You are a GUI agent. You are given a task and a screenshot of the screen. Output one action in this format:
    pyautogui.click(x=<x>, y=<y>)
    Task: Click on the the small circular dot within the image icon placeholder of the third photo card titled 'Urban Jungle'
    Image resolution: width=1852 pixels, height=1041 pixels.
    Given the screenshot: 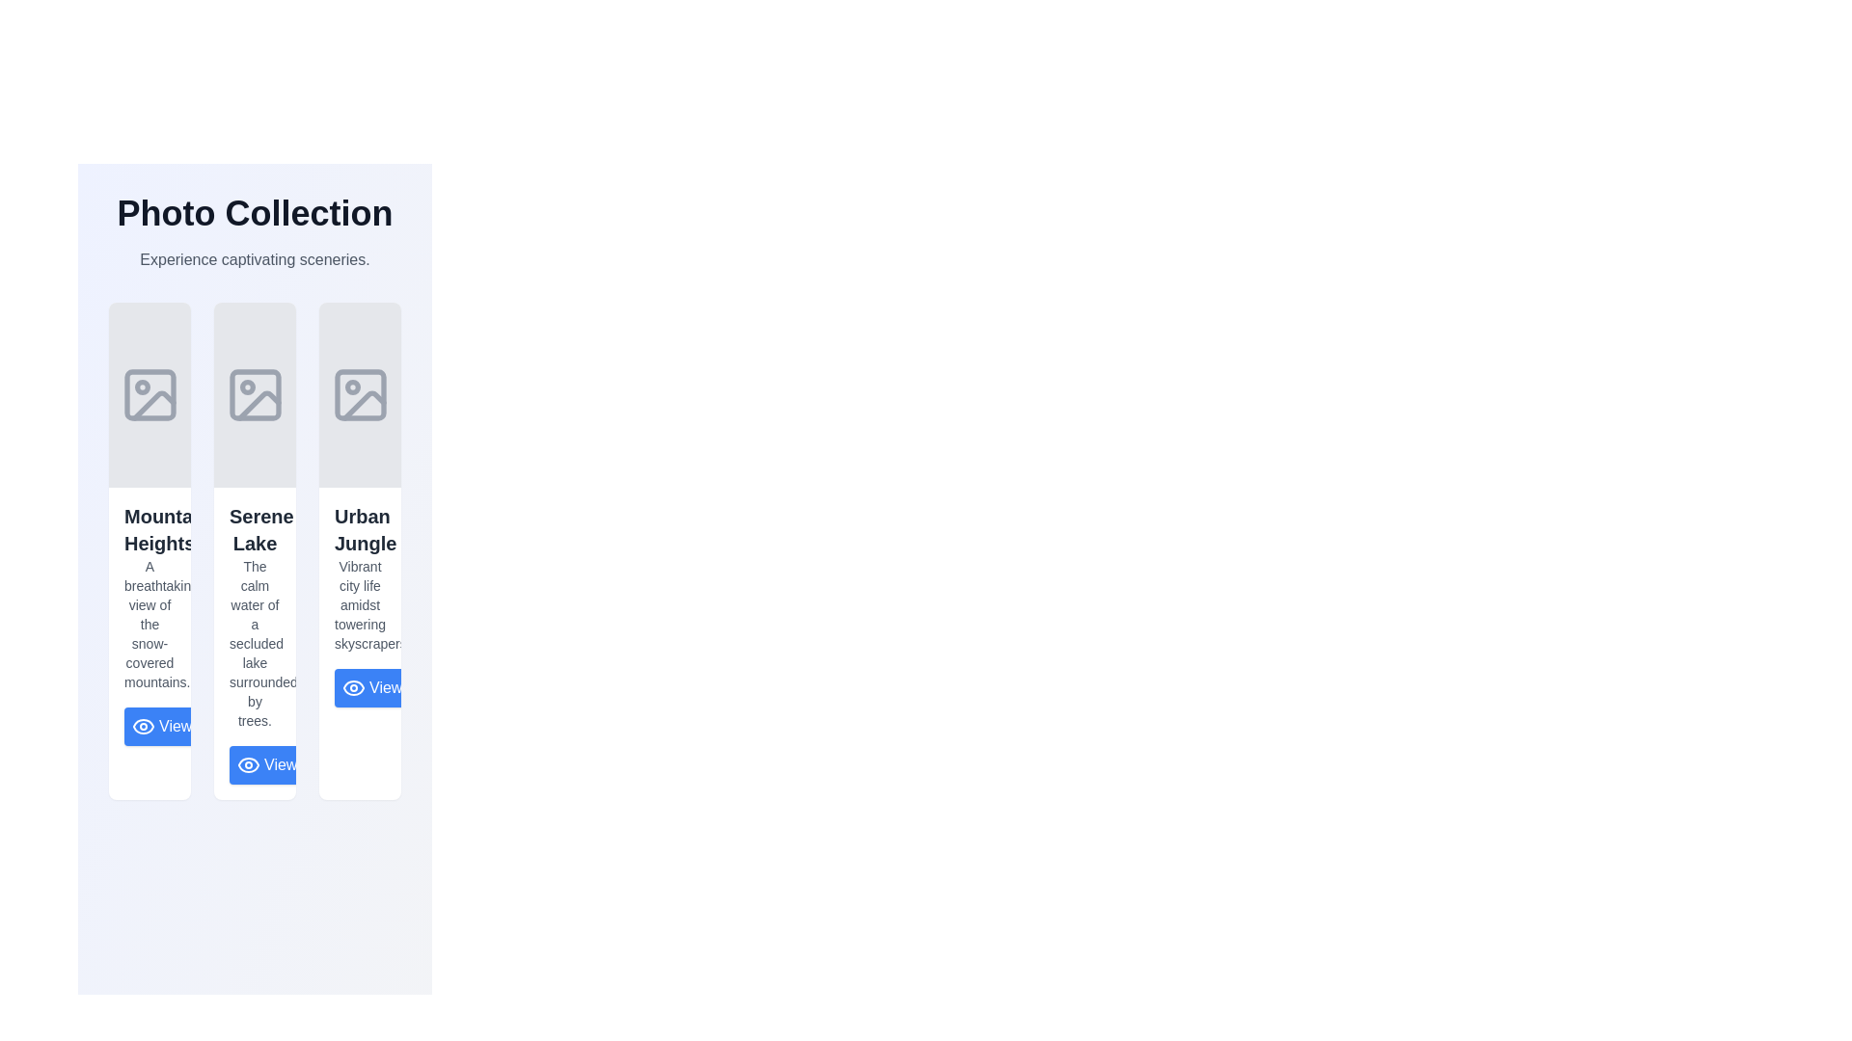 What is the action you would take?
    pyautogui.click(x=352, y=387)
    